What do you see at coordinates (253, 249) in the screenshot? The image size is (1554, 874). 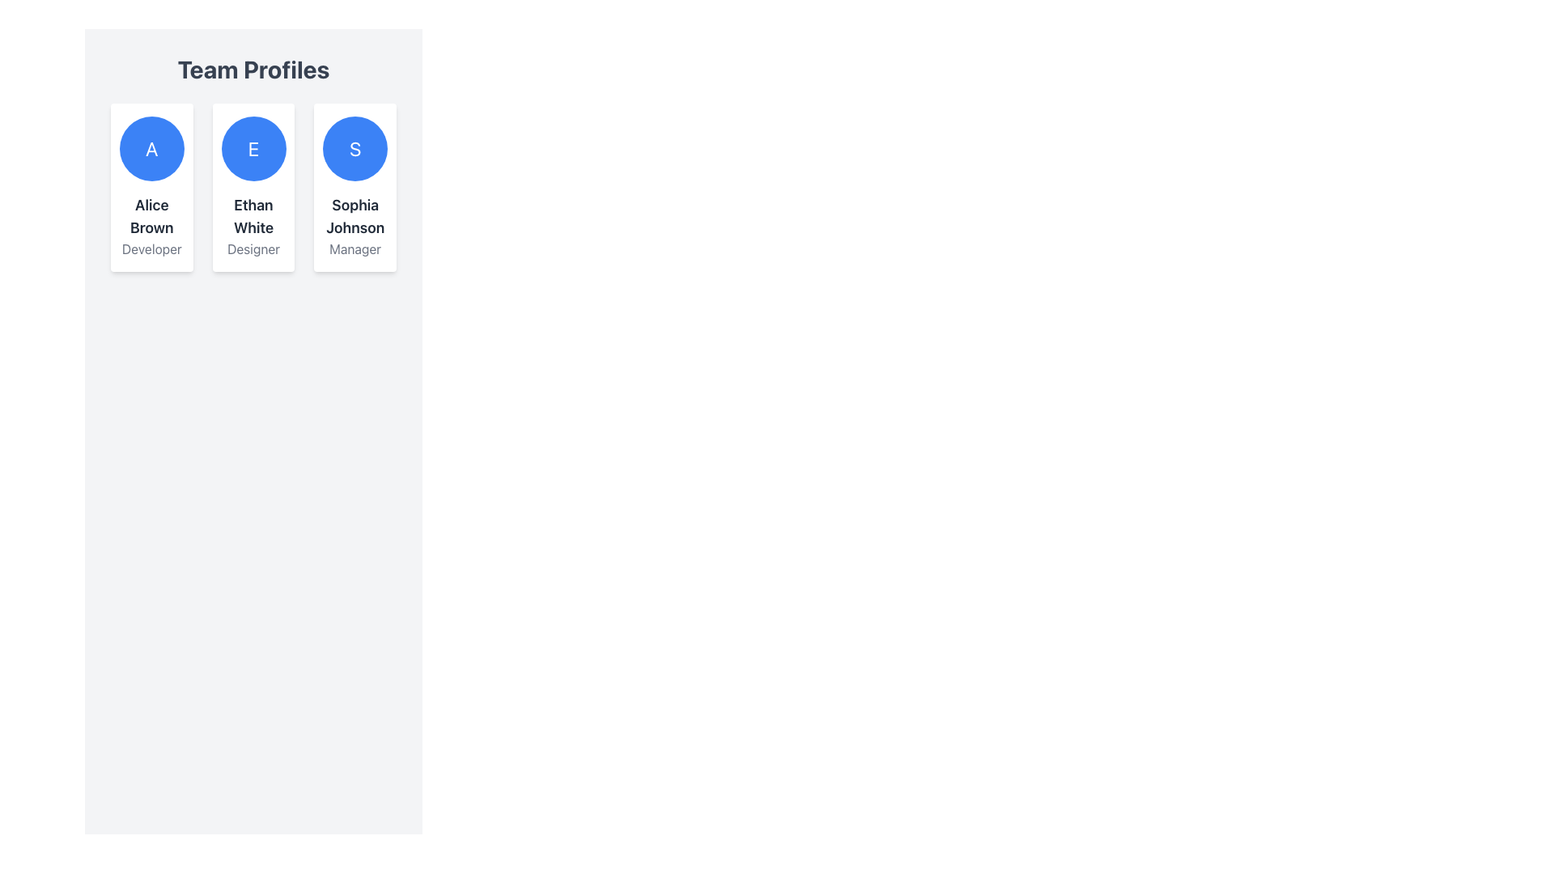 I see `the text label reading 'Designer' located directly below the 'Ethan White' name label in the profile card layout` at bounding box center [253, 249].